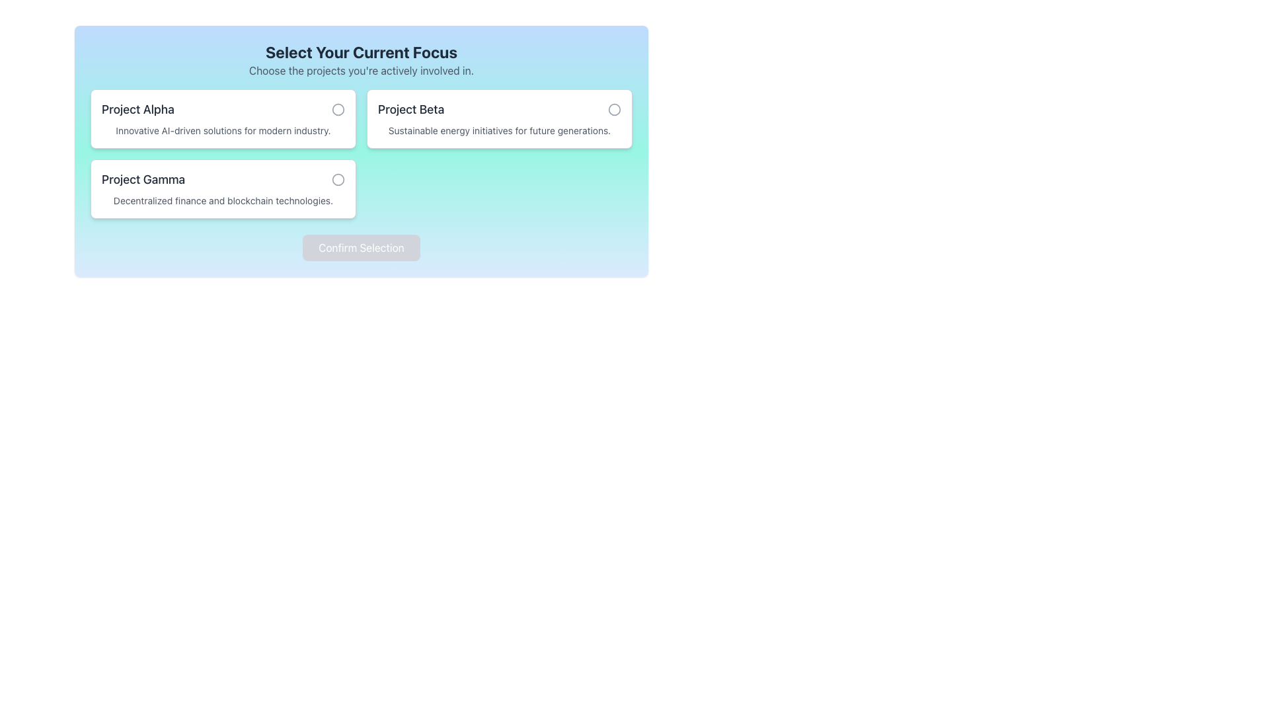 The width and height of the screenshot is (1269, 714). I want to click on text element containing the phrase 'Sustainable energy initiatives for future generations.' which is located directly below the header text 'Project Beta', so click(498, 130).